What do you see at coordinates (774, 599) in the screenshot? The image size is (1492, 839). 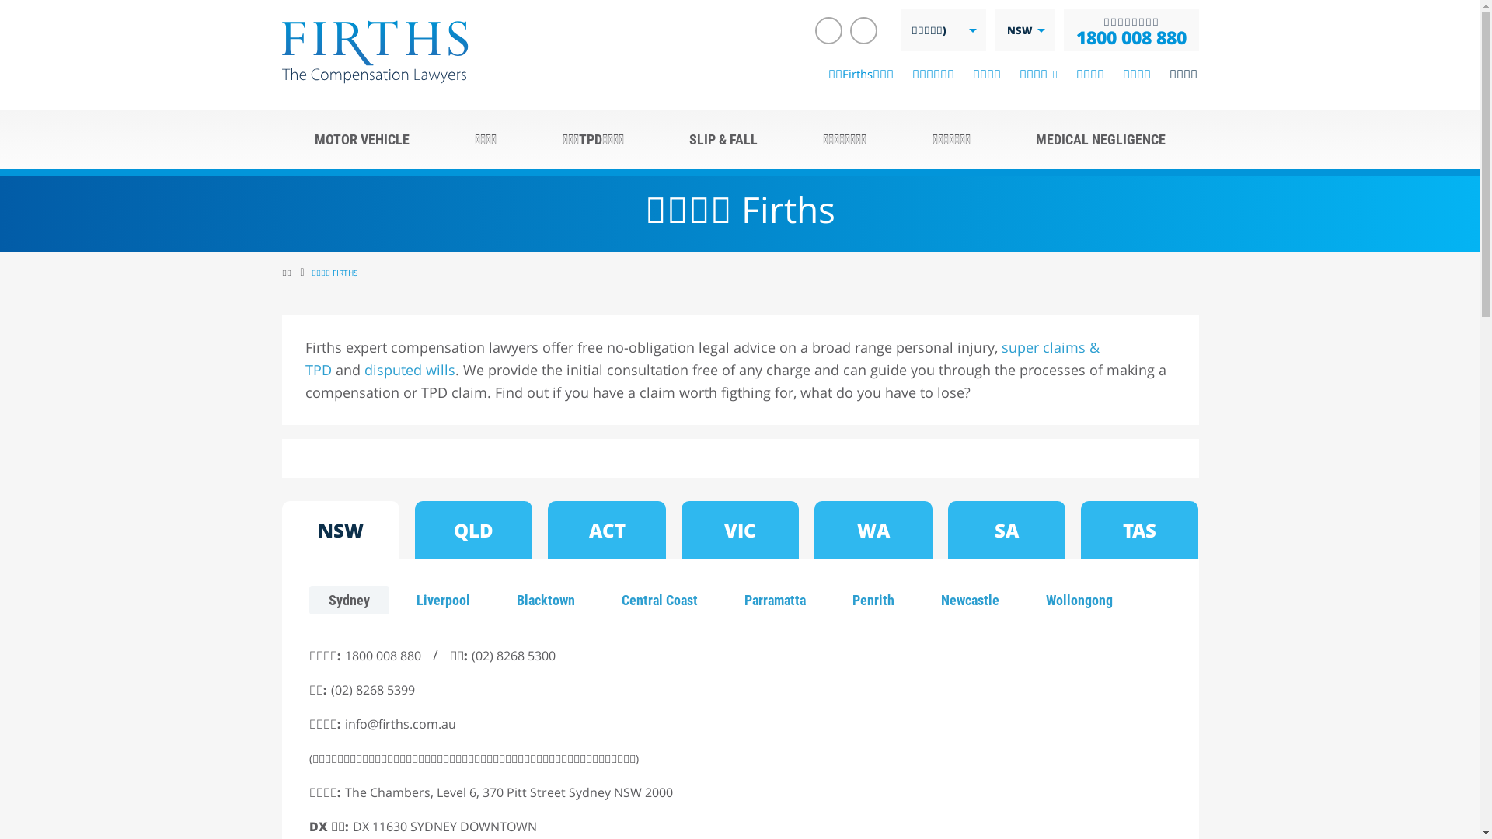 I see `'Parramatta'` at bounding box center [774, 599].